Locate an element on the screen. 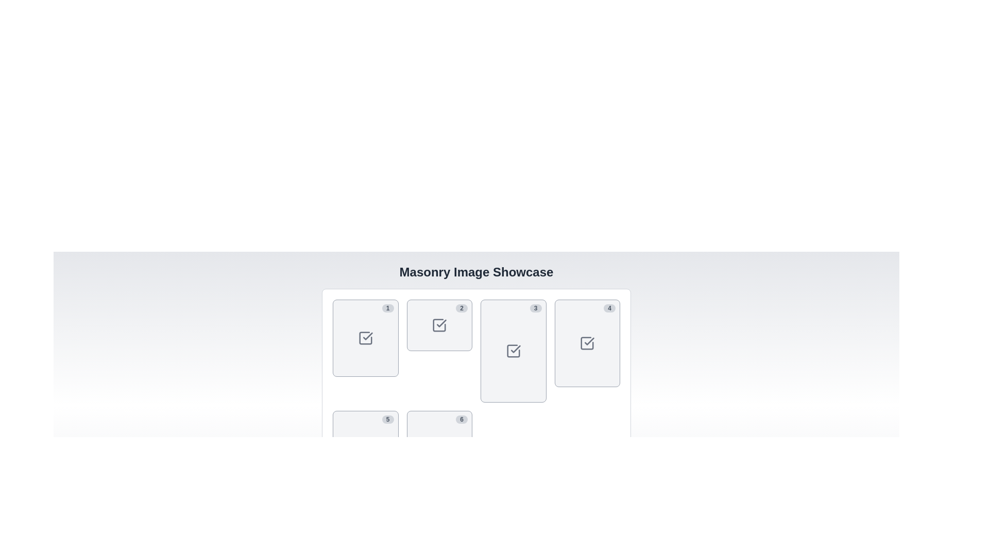 The image size is (989, 556). icon that indicates the selection or validation of the item in the fifth card of the 'Masonry Image Showcase' section is located at coordinates (365, 444).